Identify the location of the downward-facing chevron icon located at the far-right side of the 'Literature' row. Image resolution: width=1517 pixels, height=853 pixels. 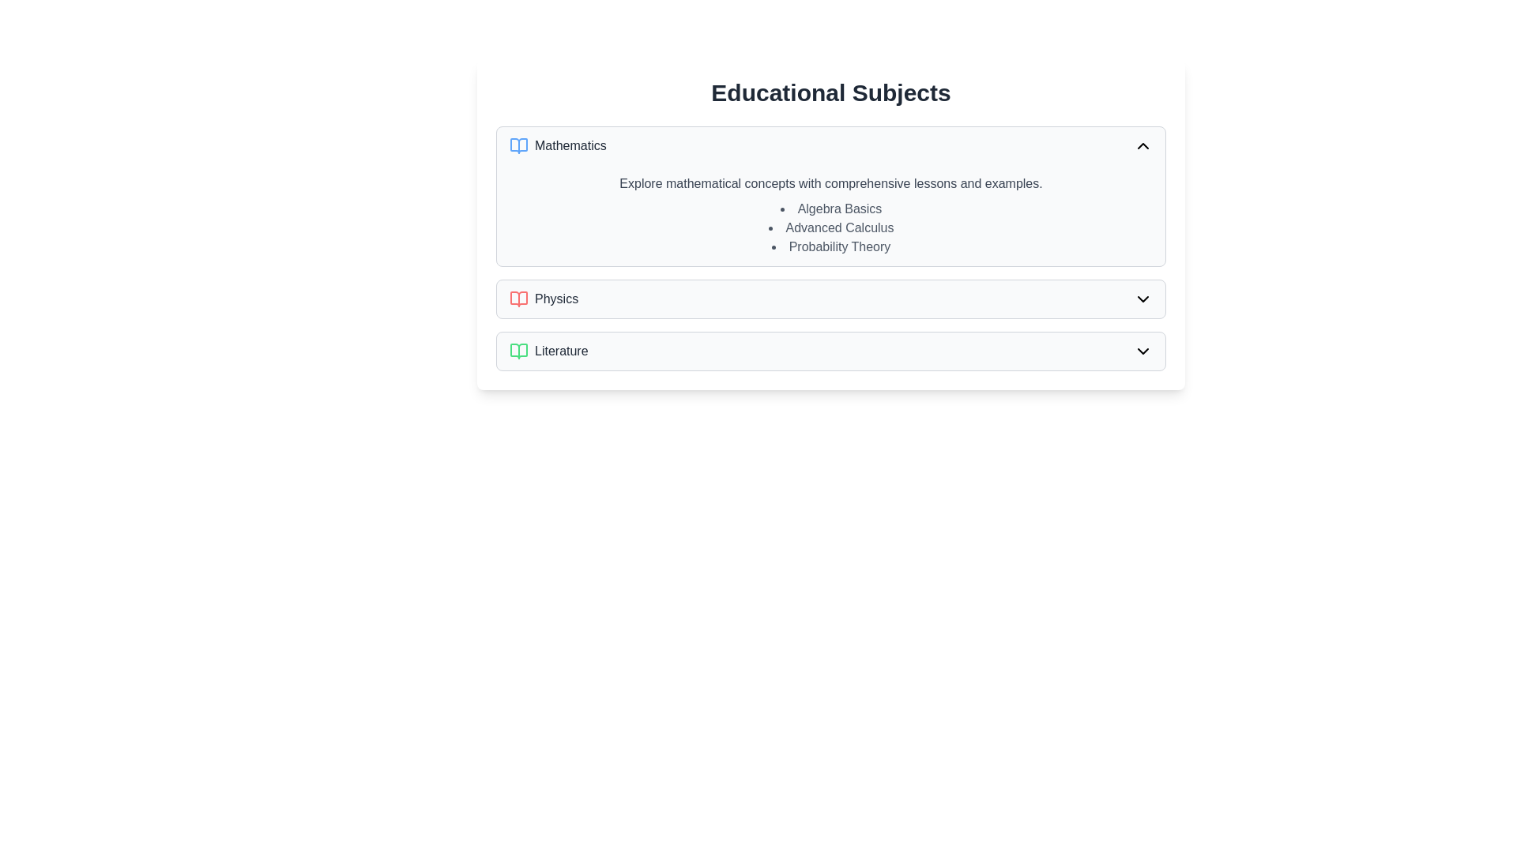
(1142, 350).